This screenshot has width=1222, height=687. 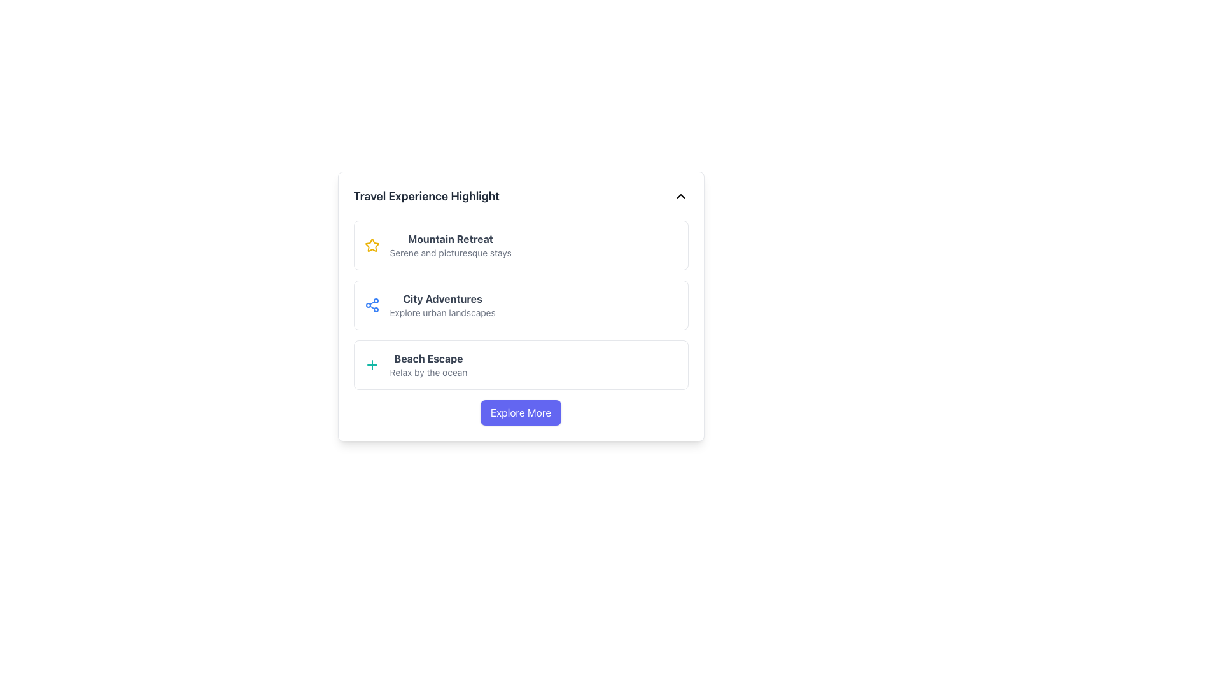 What do you see at coordinates (371, 365) in the screenshot?
I see `the teal cross-shaped icon located at the leftmost side of the 'Beach Escape' entry` at bounding box center [371, 365].